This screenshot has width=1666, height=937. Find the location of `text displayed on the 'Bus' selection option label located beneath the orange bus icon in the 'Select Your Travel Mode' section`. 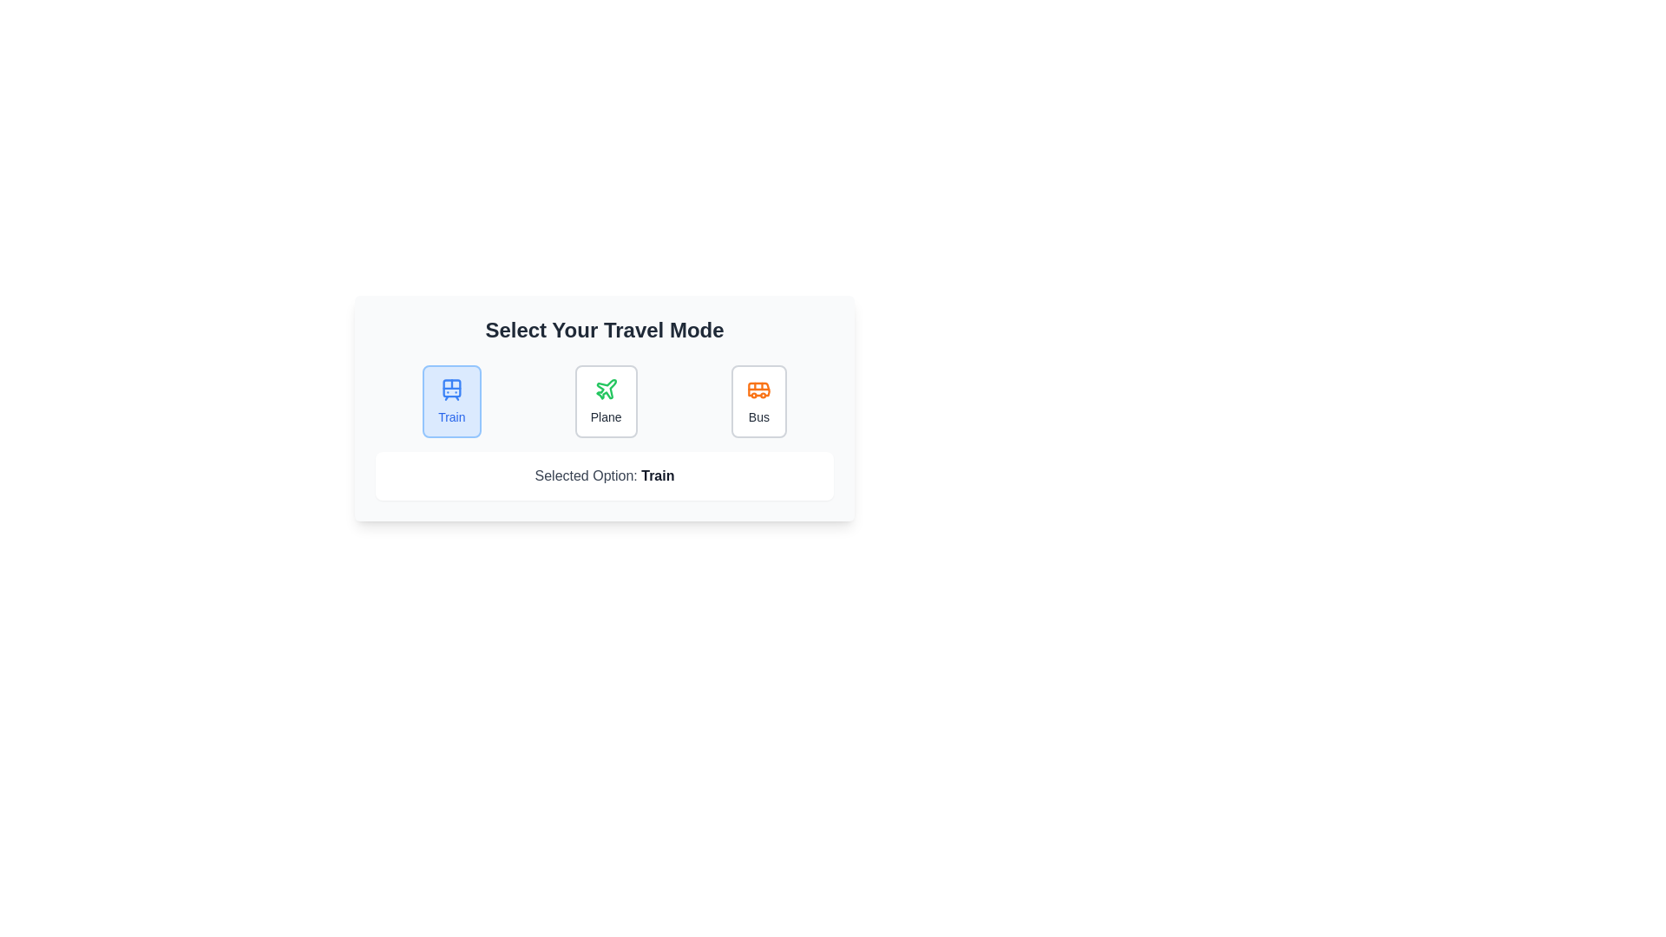

text displayed on the 'Bus' selection option label located beneath the orange bus icon in the 'Select Your Travel Mode' section is located at coordinates (758, 417).